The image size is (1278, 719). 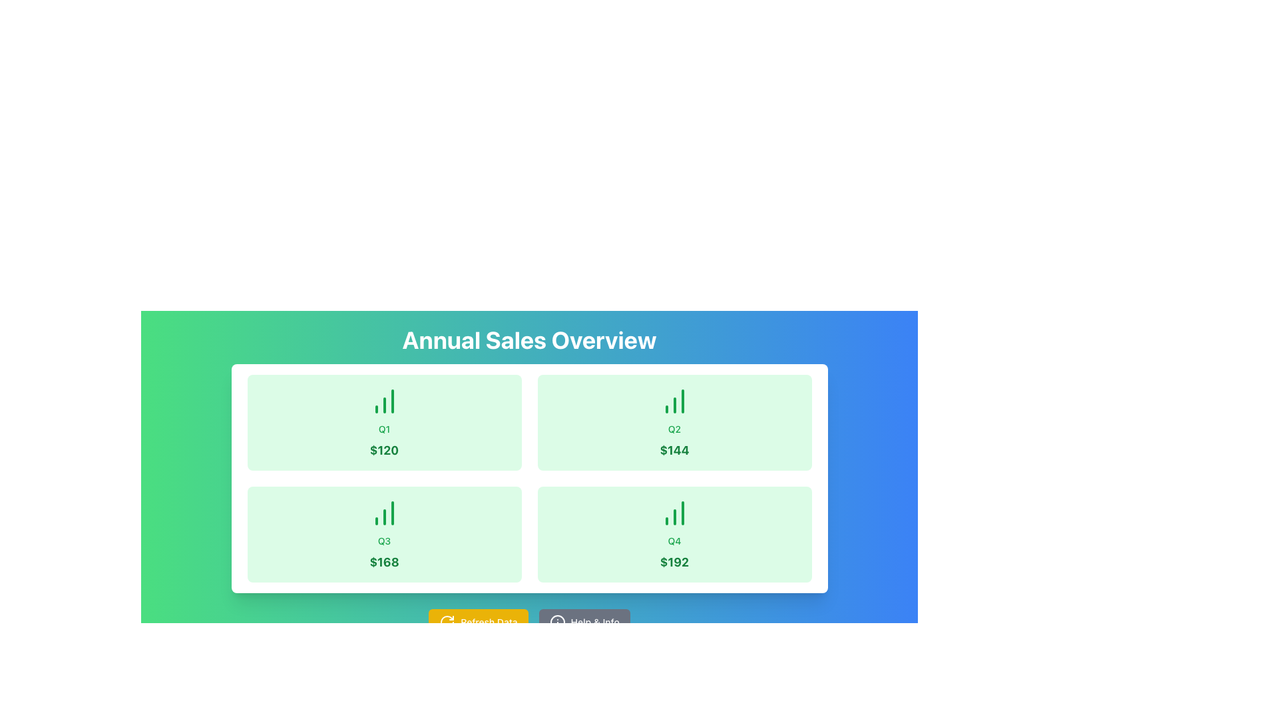 I want to click on the icon representing the first quarter sales data, located in the top-left corner of the grid above the text 'Q1' and '$120', to associate it with the Q1 data, so click(x=383, y=400).